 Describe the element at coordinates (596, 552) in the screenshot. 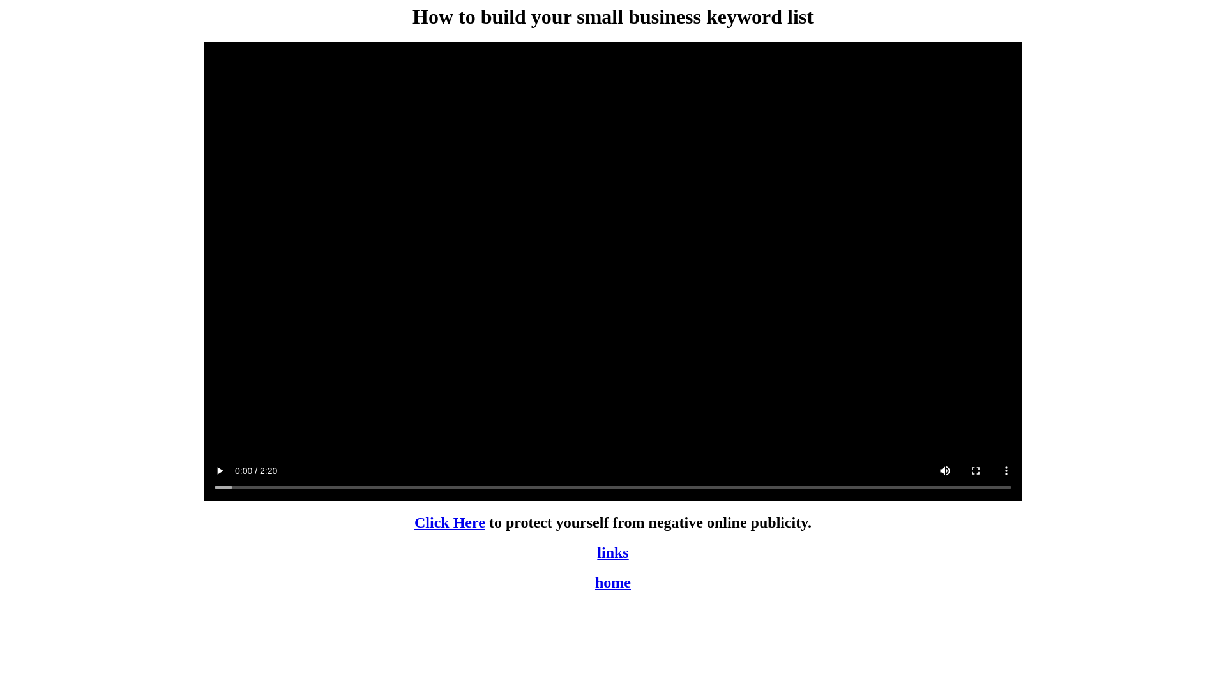

I see `'links'` at that location.